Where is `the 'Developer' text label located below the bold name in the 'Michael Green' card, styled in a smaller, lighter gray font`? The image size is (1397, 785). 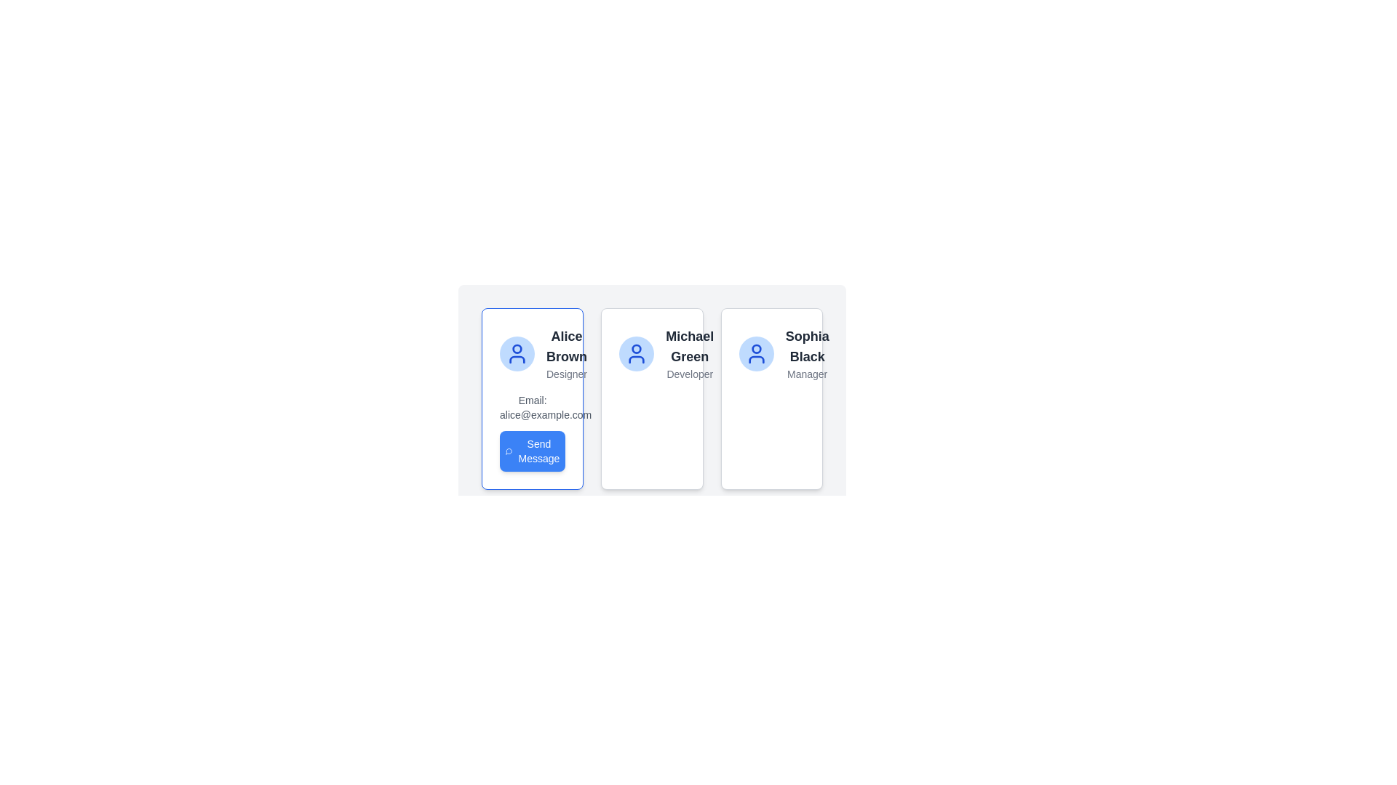 the 'Developer' text label located below the bold name in the 'Michael Green' card, styled in a smaller, lighter gray font is located at coordinates (689, 374).